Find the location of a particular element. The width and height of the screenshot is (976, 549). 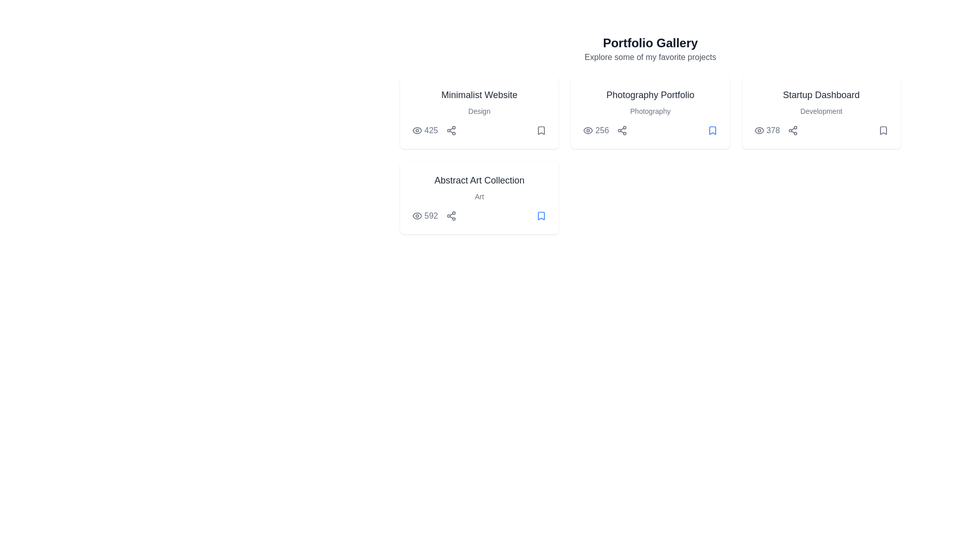

the text label that reads 'Photography', which is colored gray and located below the main title 'Photography Portfolio' is located at coordinates (650, 111).